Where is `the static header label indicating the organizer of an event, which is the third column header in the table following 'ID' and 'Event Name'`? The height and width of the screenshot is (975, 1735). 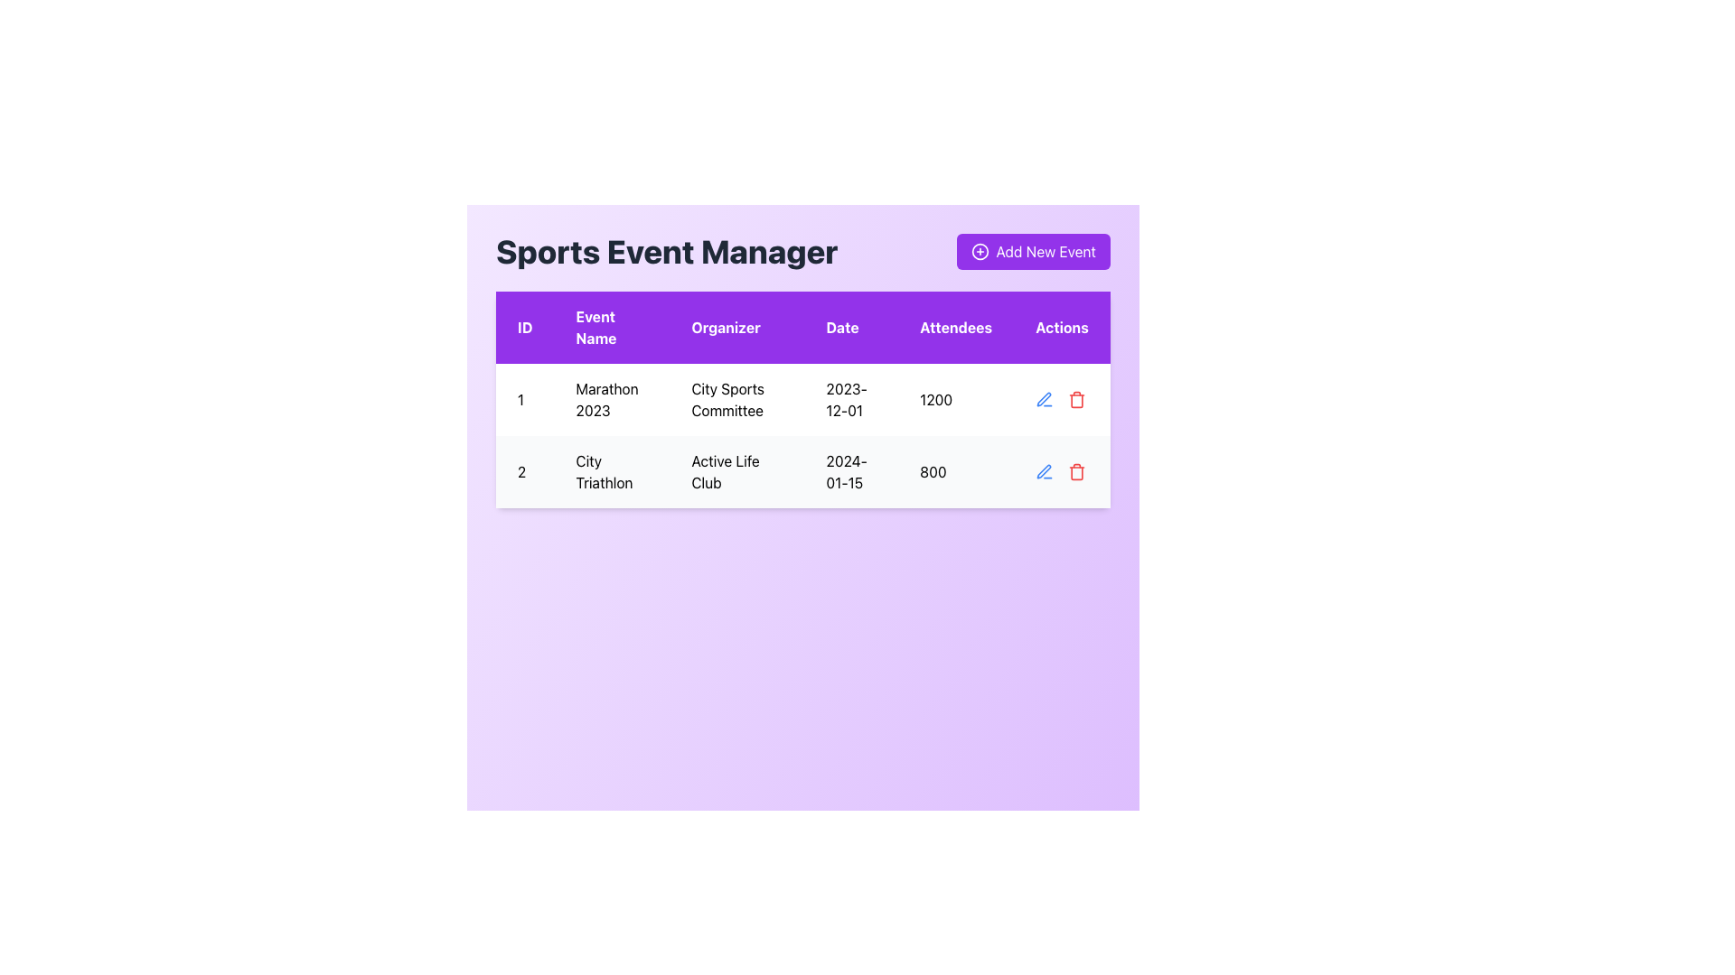
the static header label indicating the organizer of an event, which is the third column header in the table following 'ID' and 'Event Name' is located at coordinates (737, 327).